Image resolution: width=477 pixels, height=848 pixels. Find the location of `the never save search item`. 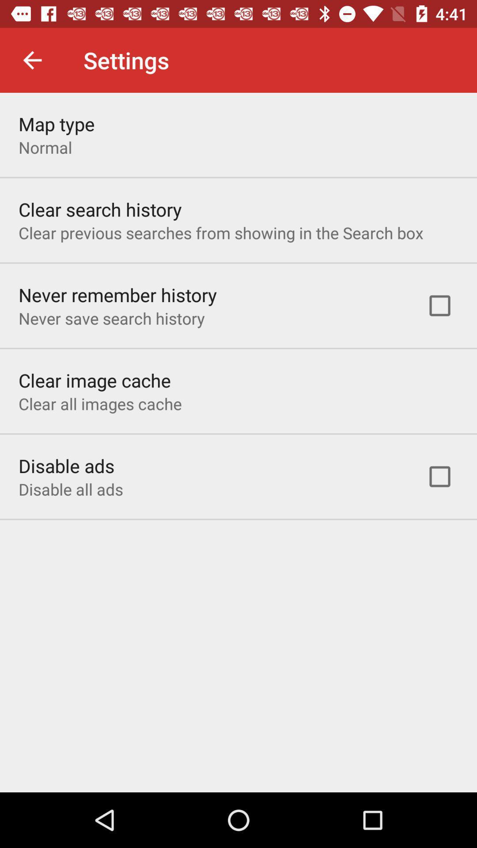

the never save search item is located at coordinates (111, 318).